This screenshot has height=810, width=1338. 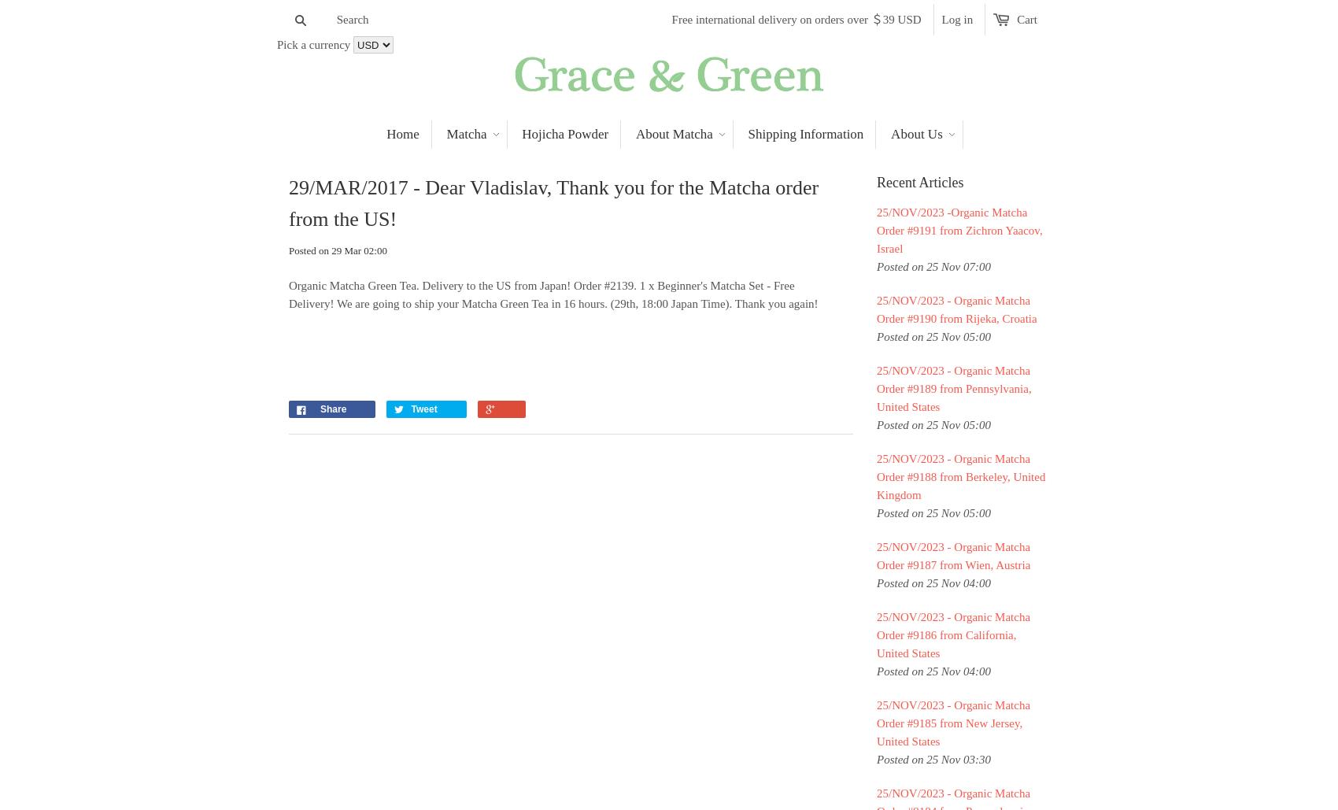 What do you see at coordinates (522, 134) in the screenshot?
I see `'Hojicha Powder'` at bounding box center [522, 134].